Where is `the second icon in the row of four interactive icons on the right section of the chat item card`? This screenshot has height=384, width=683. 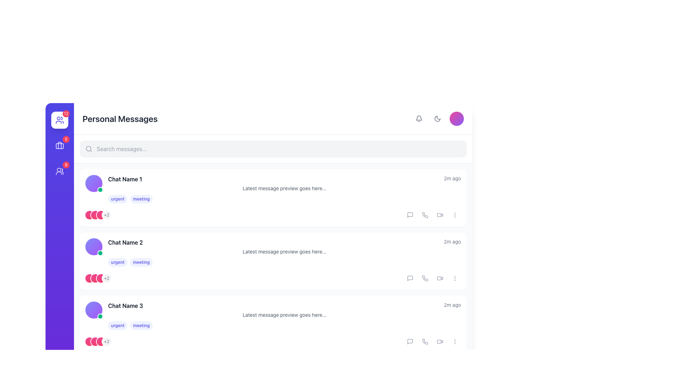
the second icon in the row of four interactive icons on the right section of the chat item card is located at coordinates (425, 341).